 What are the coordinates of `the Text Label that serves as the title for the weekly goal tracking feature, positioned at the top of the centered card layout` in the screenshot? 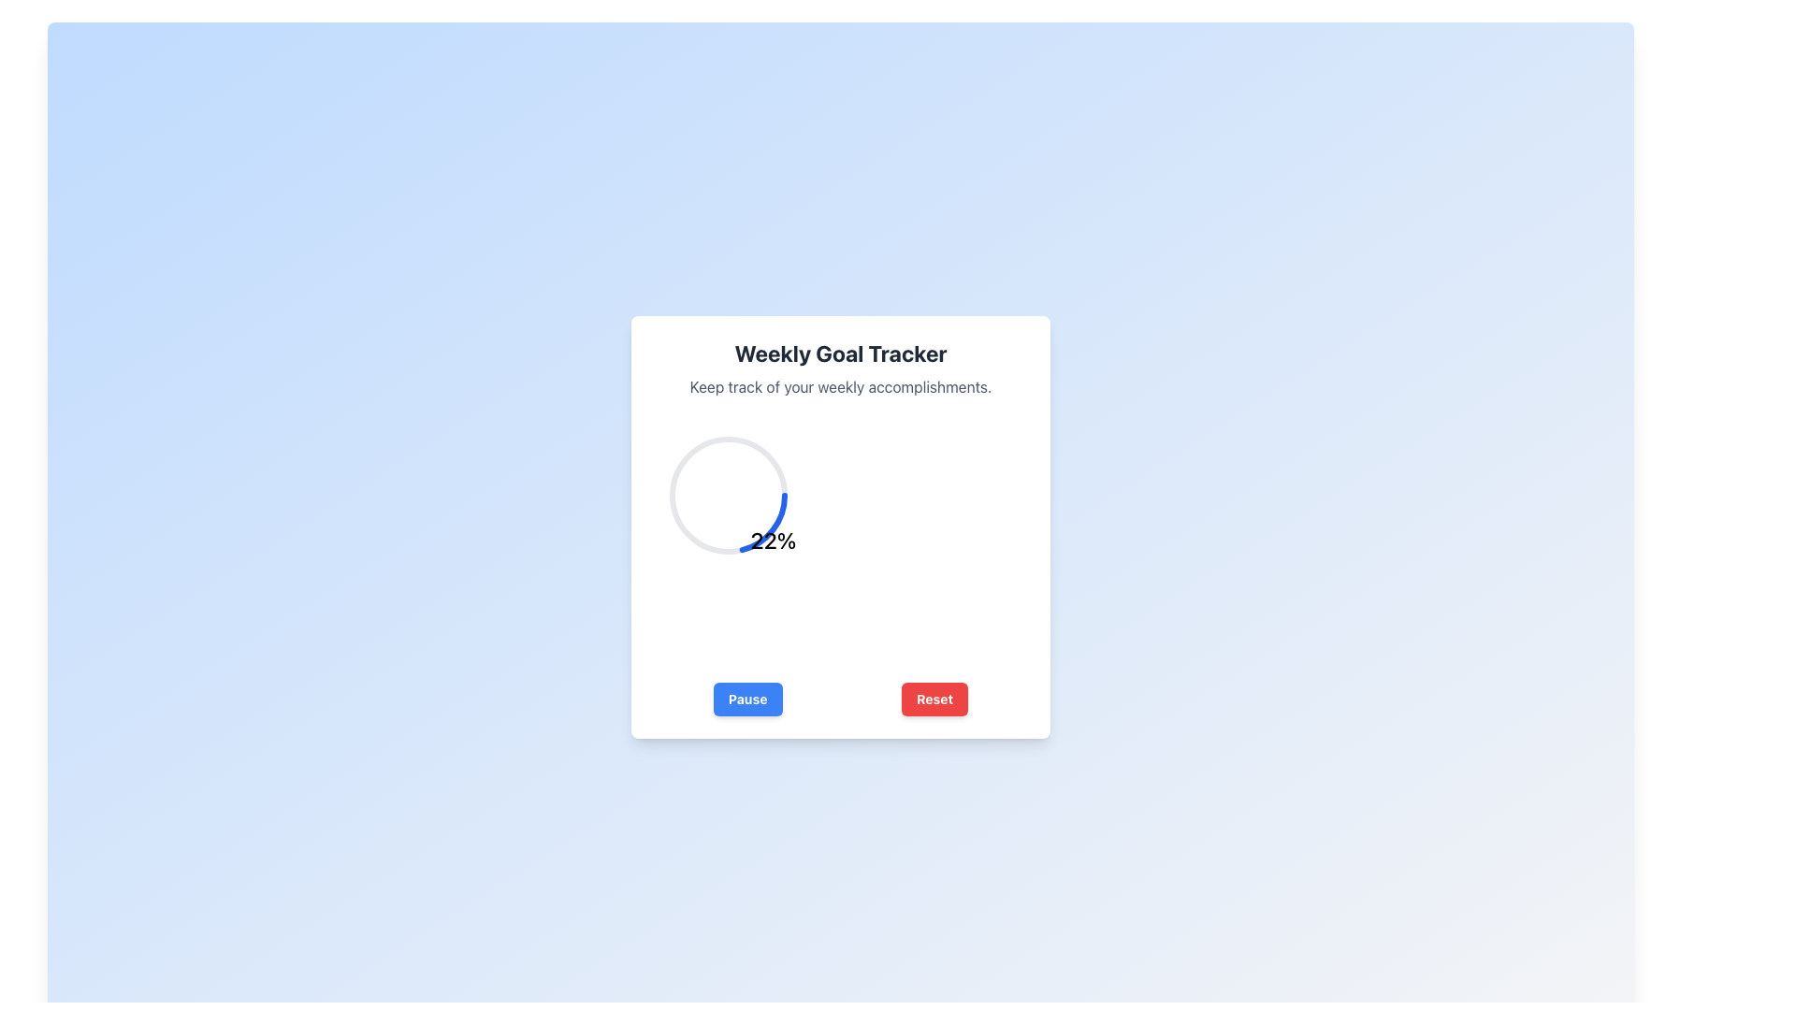 It's located at (839, 353).